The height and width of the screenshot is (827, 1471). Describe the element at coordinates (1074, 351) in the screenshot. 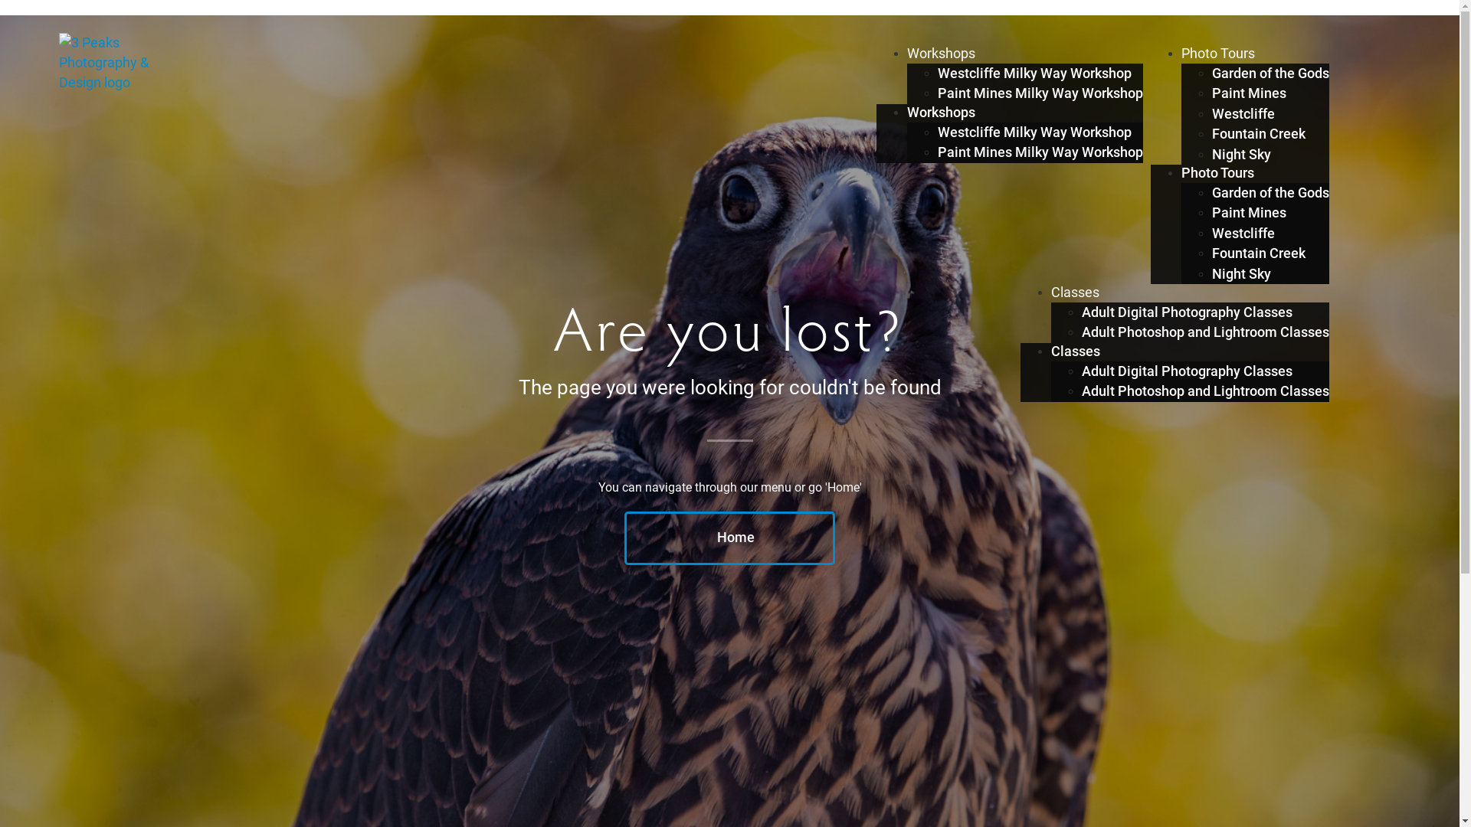

I see `'Classes'` at that location.